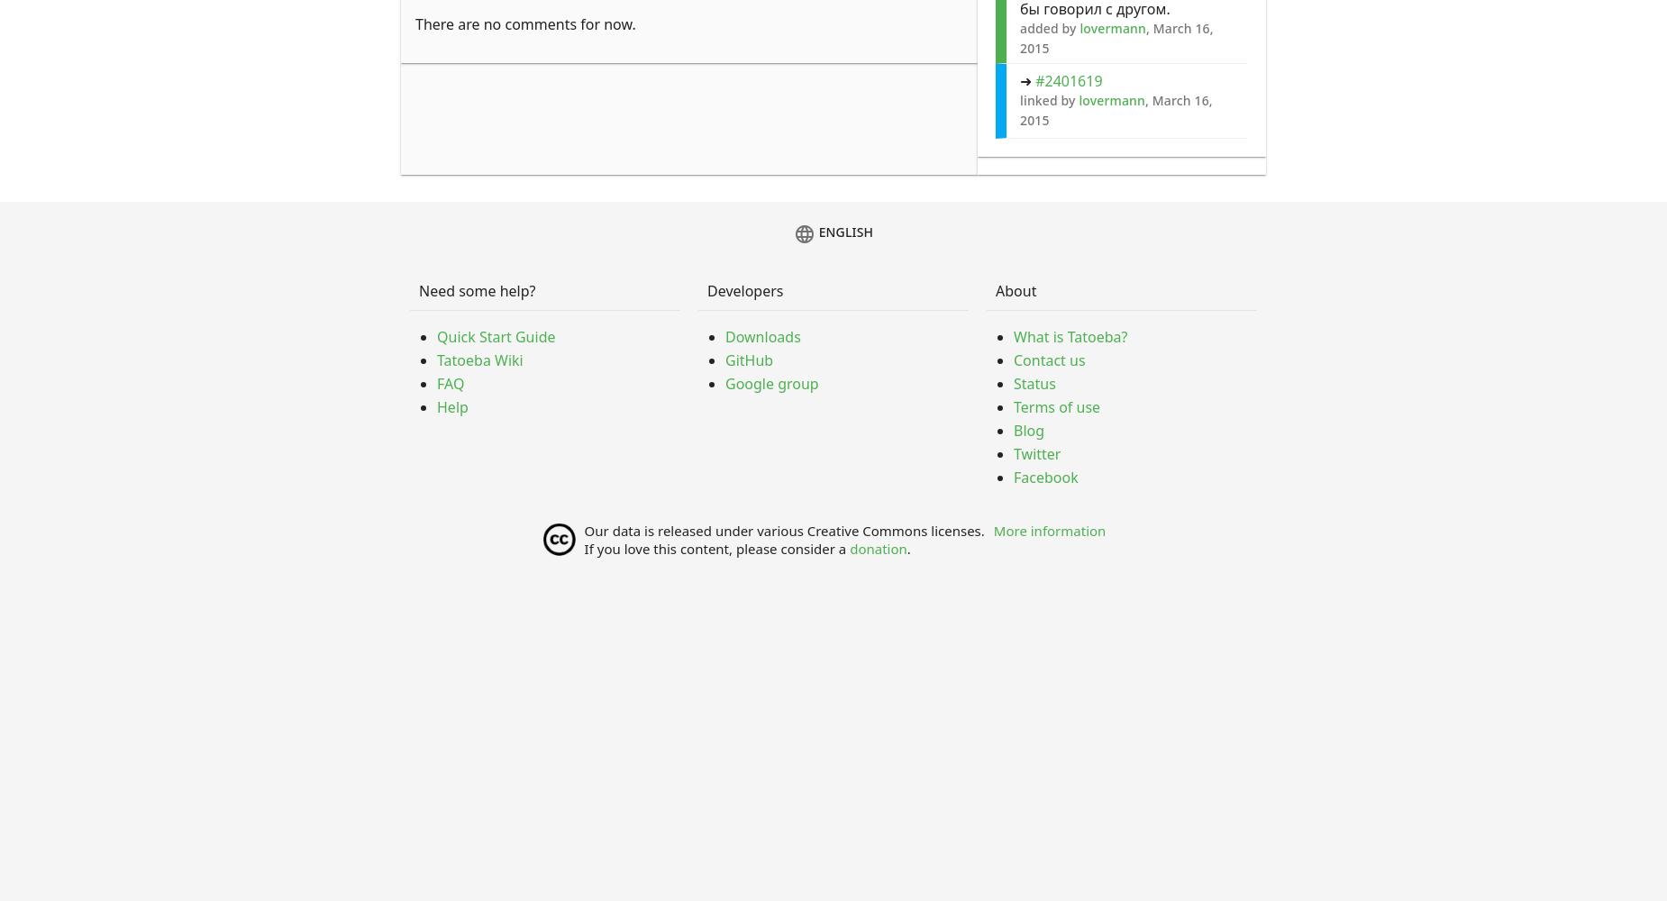 The width and height of the screenshot is (1667, 901). Describe the element at coordinates (724, 360) in the screenshot. I see `'GitHub'` at that location.